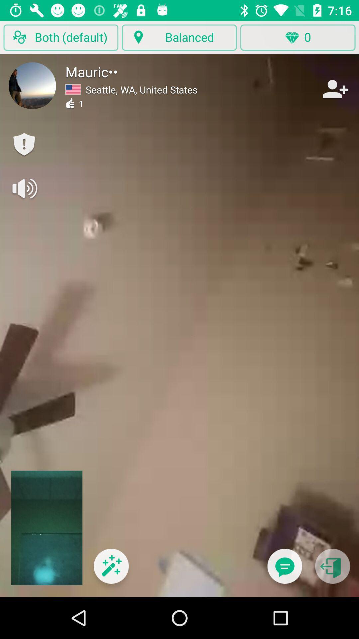 The height and width of the screenshot is (639, 359). I want to click on mute audio, so click(24, 188).